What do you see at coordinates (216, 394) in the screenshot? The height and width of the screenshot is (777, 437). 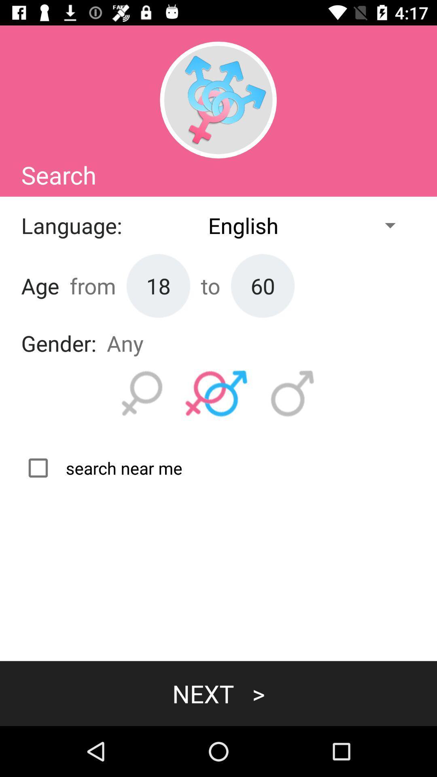 I see `search male and female` at bounding box center [216, 394].